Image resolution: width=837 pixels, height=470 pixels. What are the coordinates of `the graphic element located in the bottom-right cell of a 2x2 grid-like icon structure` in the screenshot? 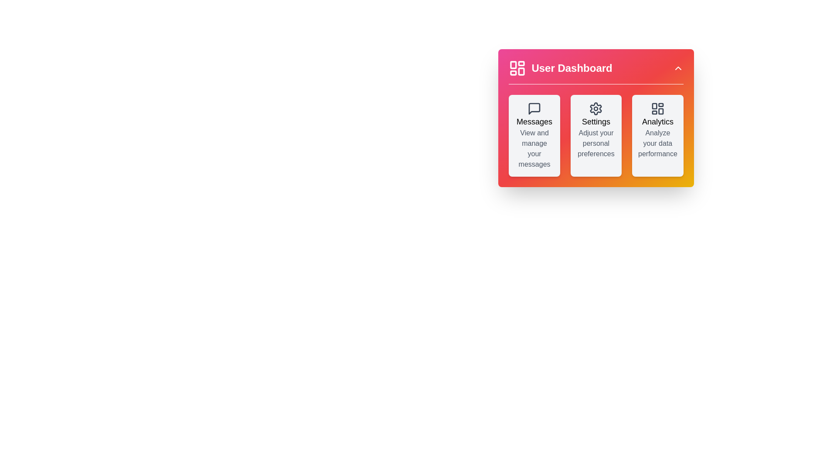 It's located at (661, 111).